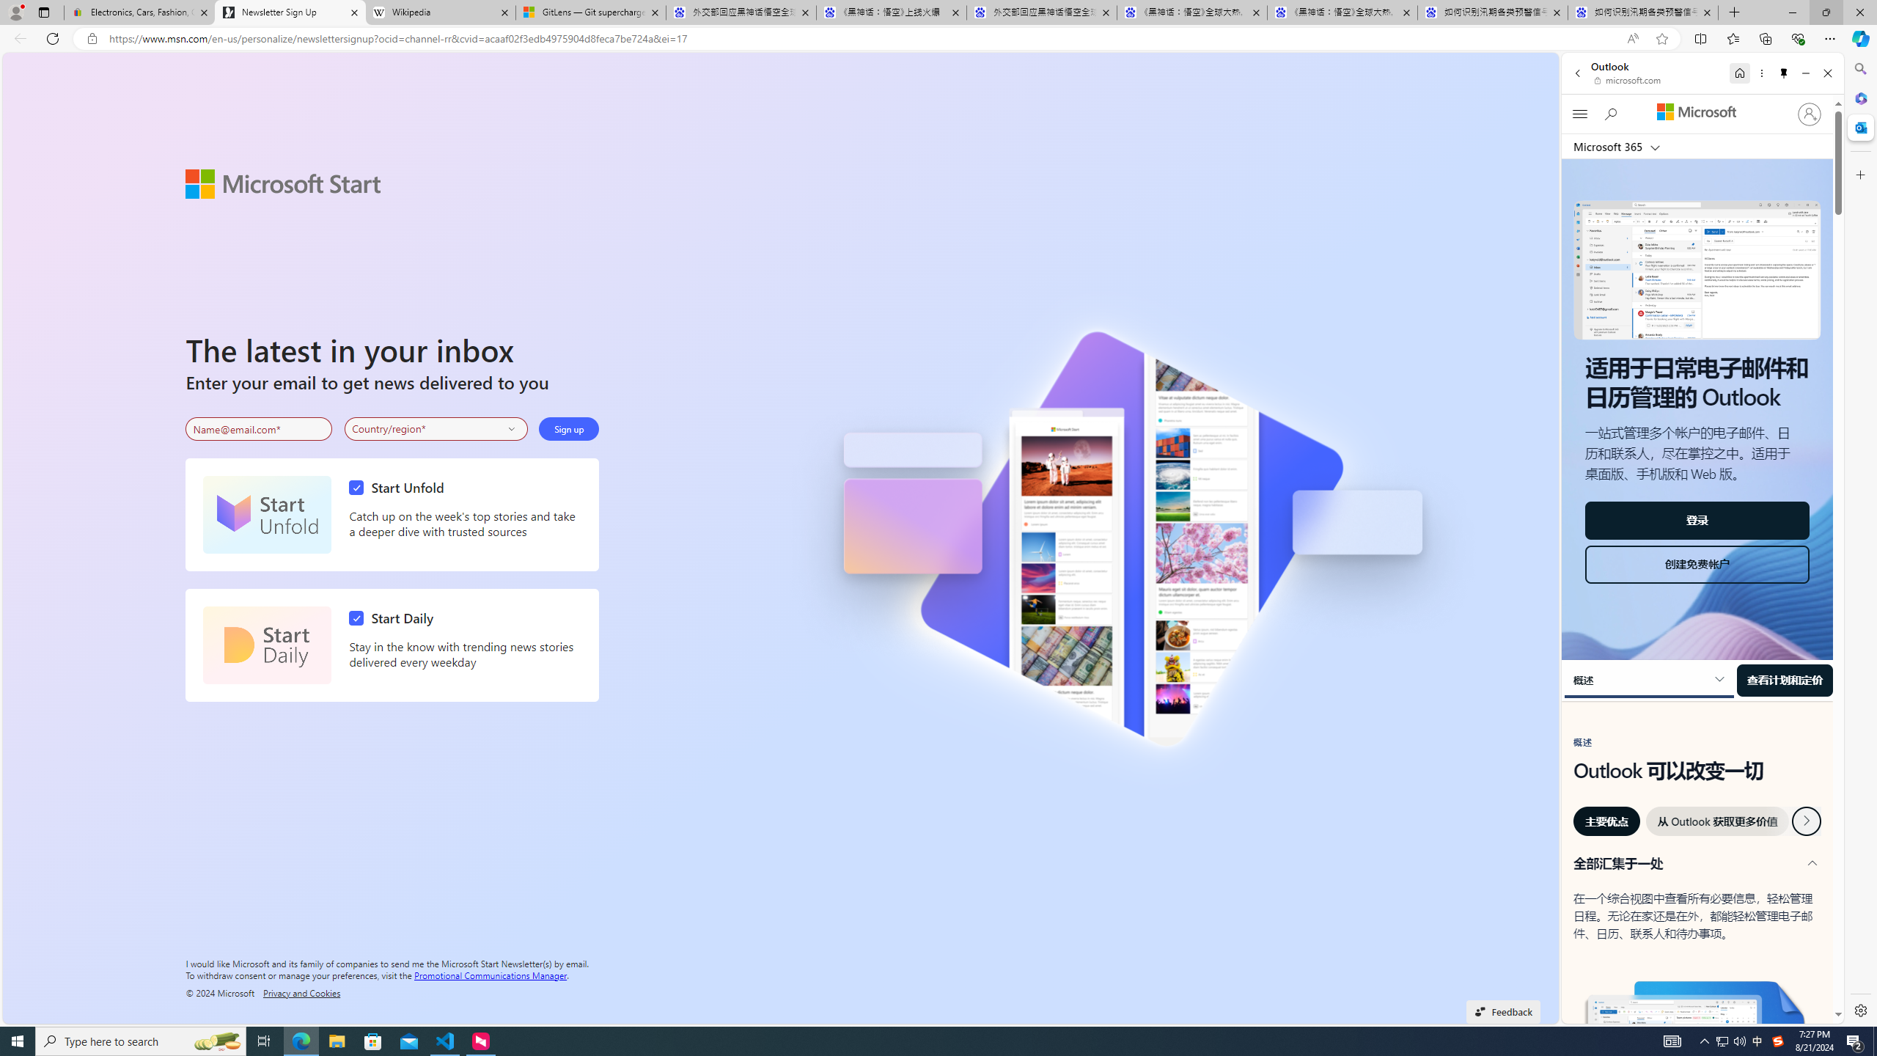 The image size is (1877, 1056). I want to click on 'Unpin side pane', so click(1784, 73).